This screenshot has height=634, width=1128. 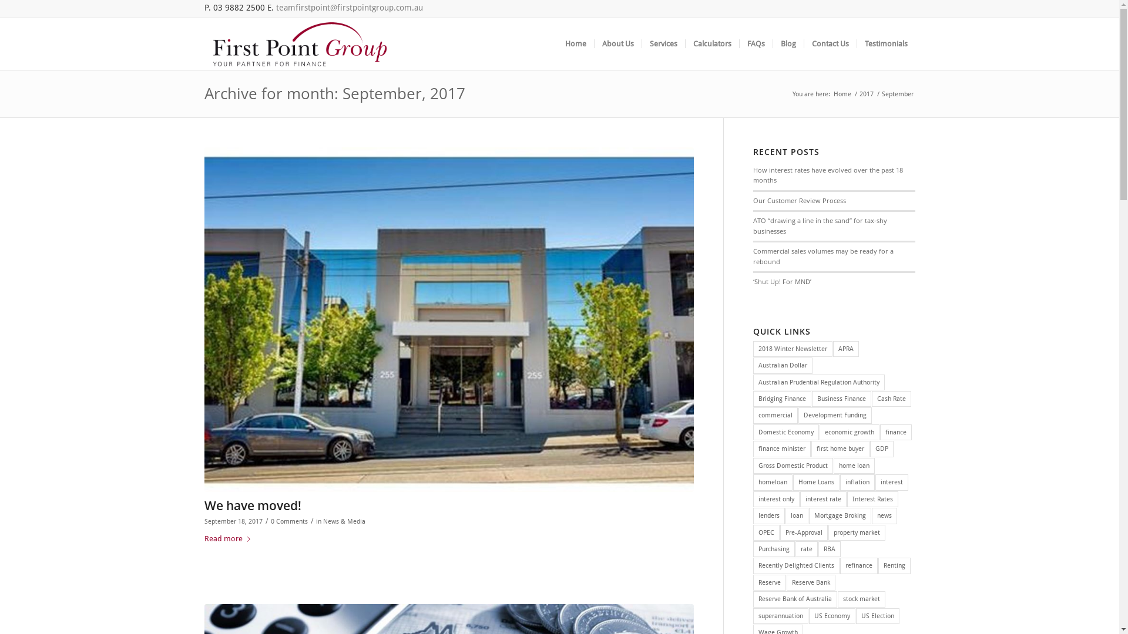 What do you see at coordinates (847, 499) in the screenshot?
I see `'Interest Rates'` at bounding box center [847, 499].